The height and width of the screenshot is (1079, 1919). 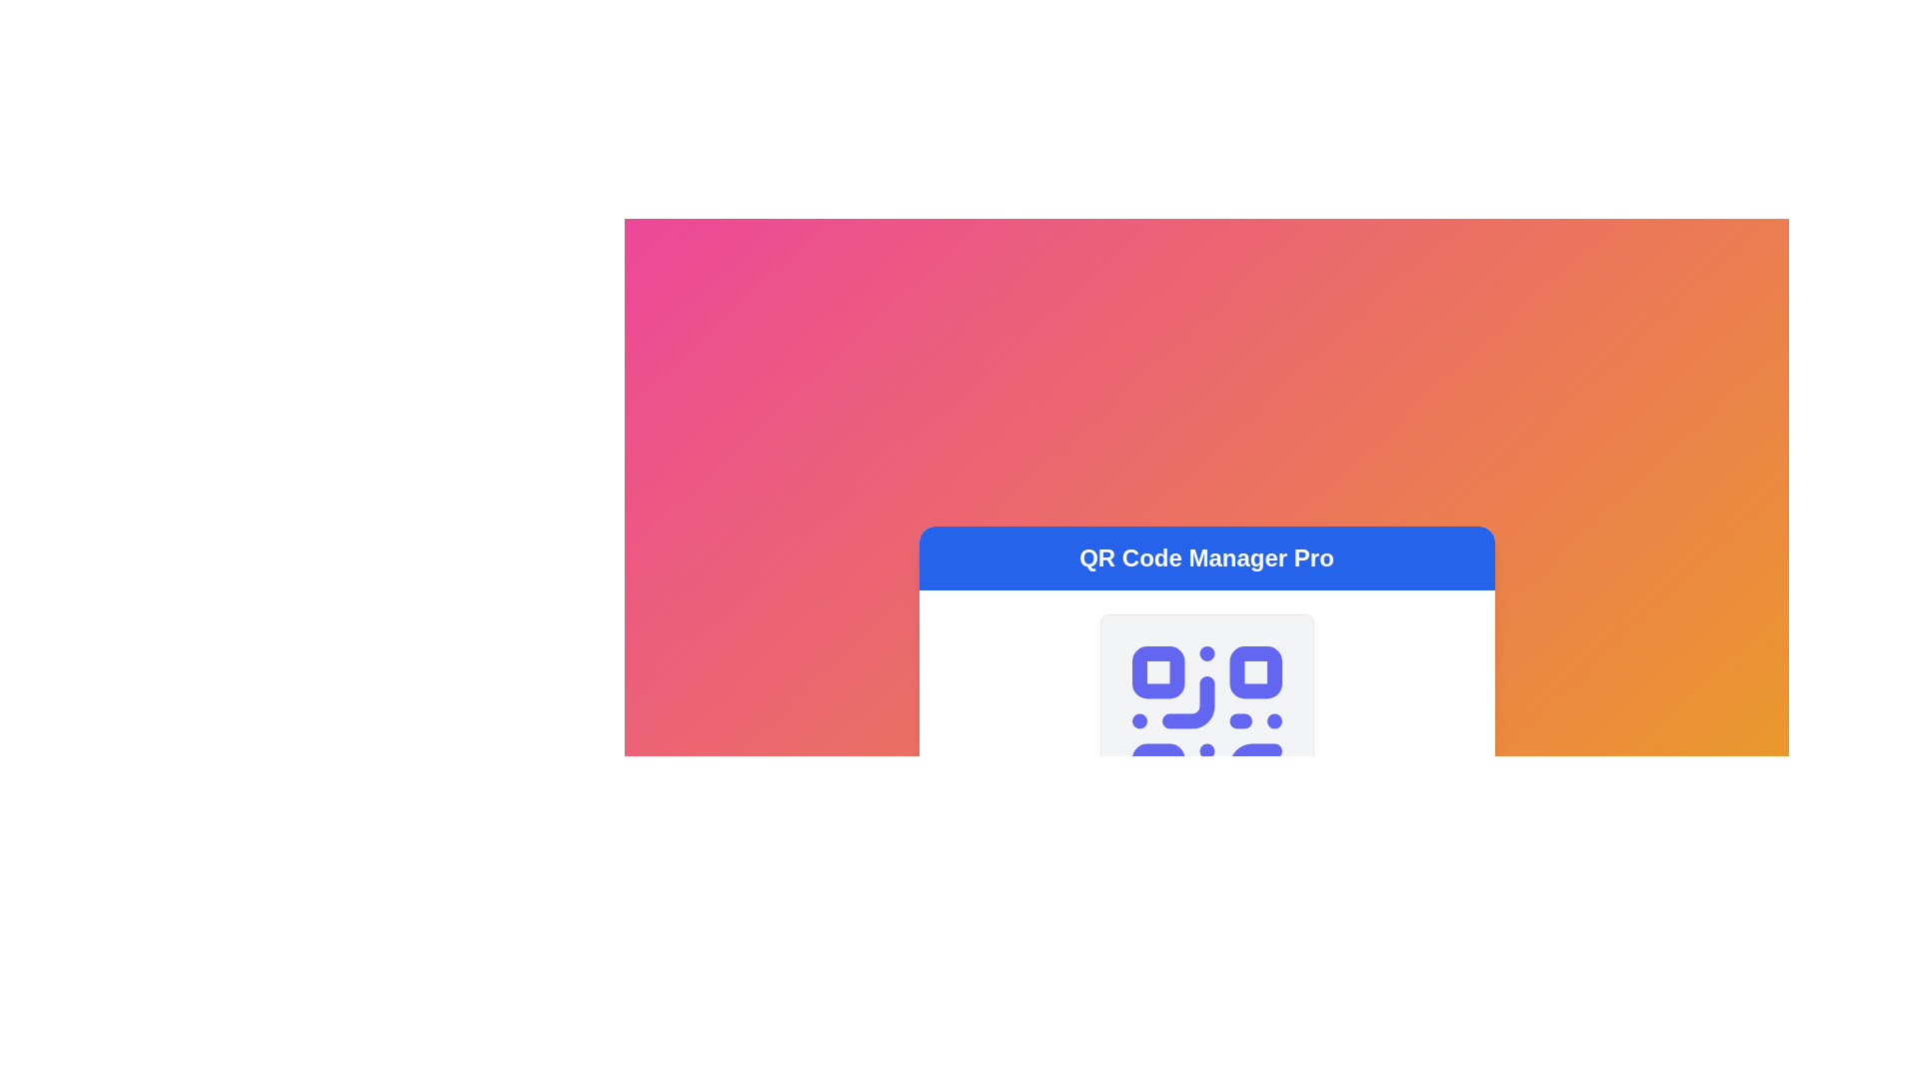 I want to click on the bold text label displaying 'QR Code Manager Pro' which is prominently styled on a blue background, so click(x=1205, y=557).